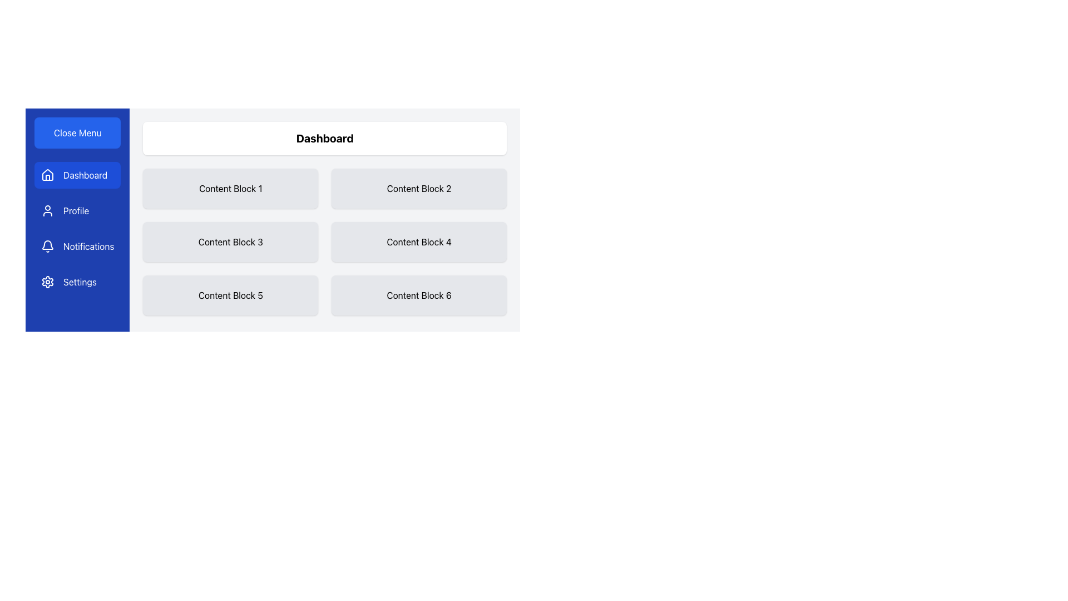 Image resolution: width=1068 pixels, height=601 pixels. I want to click on the central Text Label that serves as a header for the dashboard section, providing context for the content blocks below, so click(324, 138).